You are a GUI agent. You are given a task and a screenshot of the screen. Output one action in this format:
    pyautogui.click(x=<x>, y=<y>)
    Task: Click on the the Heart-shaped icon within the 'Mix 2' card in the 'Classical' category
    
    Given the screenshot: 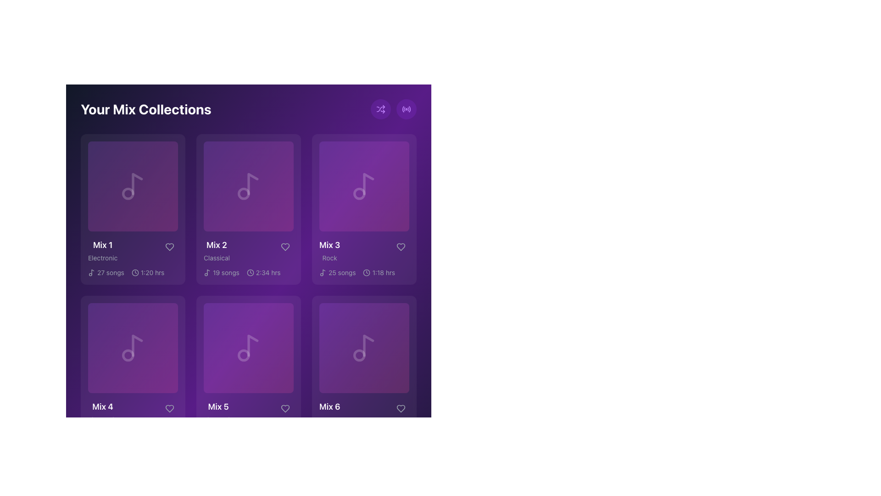 What is the action you would take?
    pyautogui.click(x=285, y=246)
    